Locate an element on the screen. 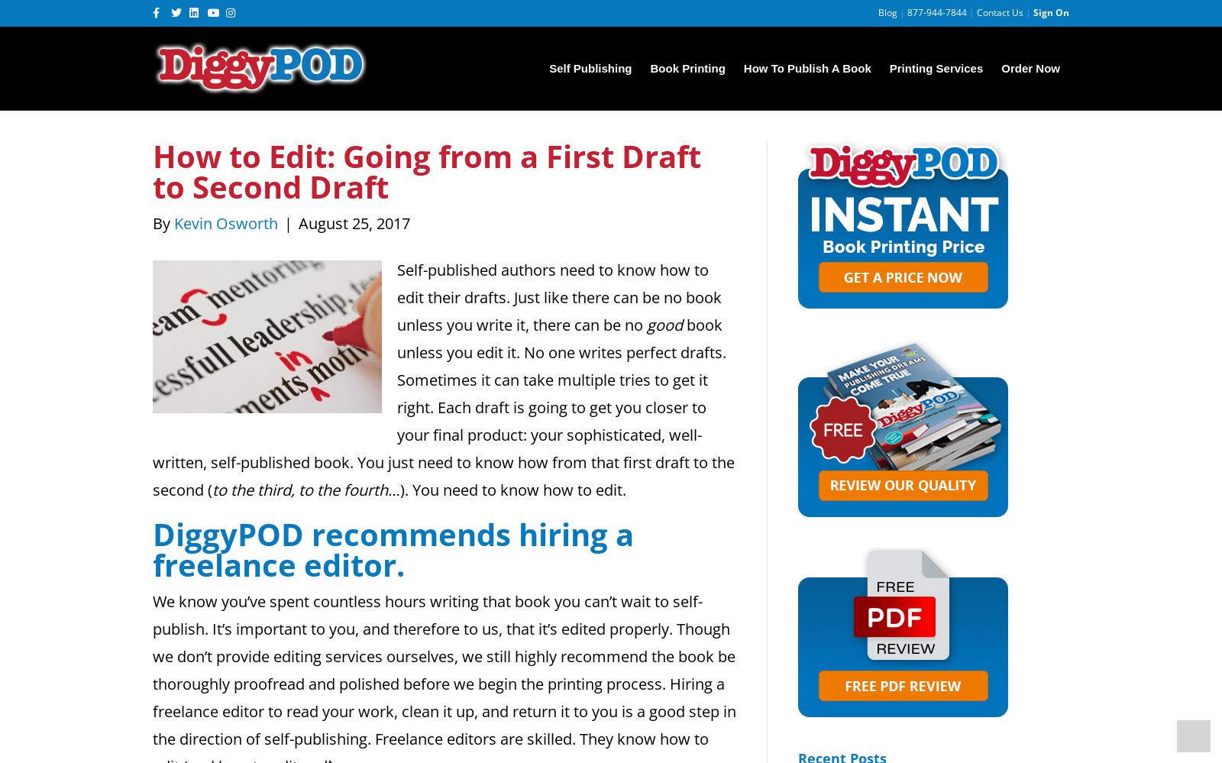  '). You need to know how to edit.' is located at coordinates (513, 489).